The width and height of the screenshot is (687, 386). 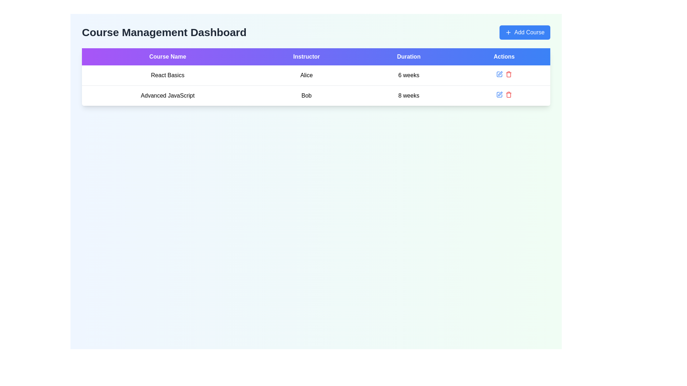 What do you see at coordinates (504, 56) in the screenshot?
I see `the 'Actions' label, which is the fourth header in the table with a blue background and white text` at bounding box center [504, 56].